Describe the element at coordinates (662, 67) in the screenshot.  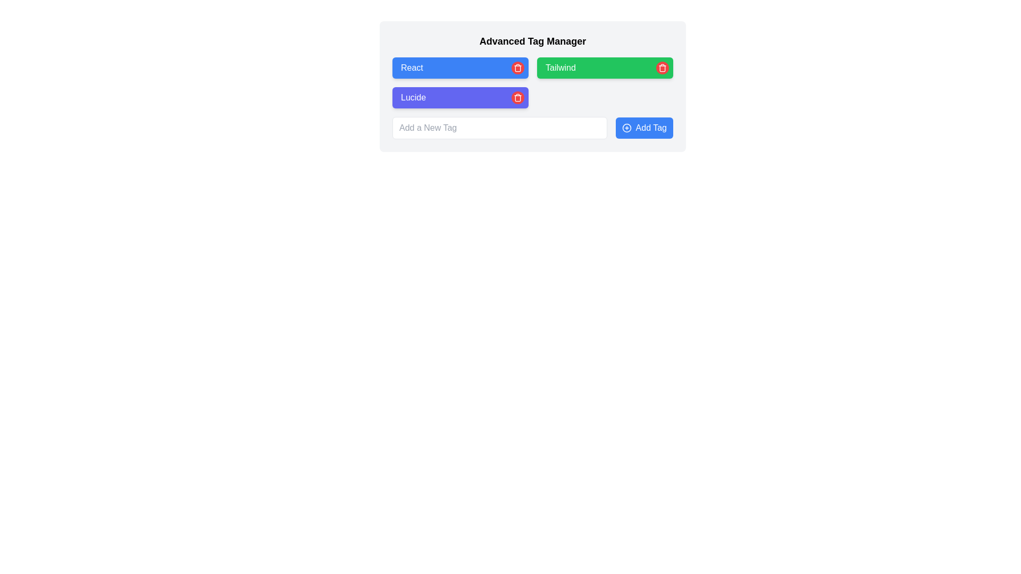
I see `the deletion button located at the far right of the green rectangular block labeled 'Tailwind'` at that location.